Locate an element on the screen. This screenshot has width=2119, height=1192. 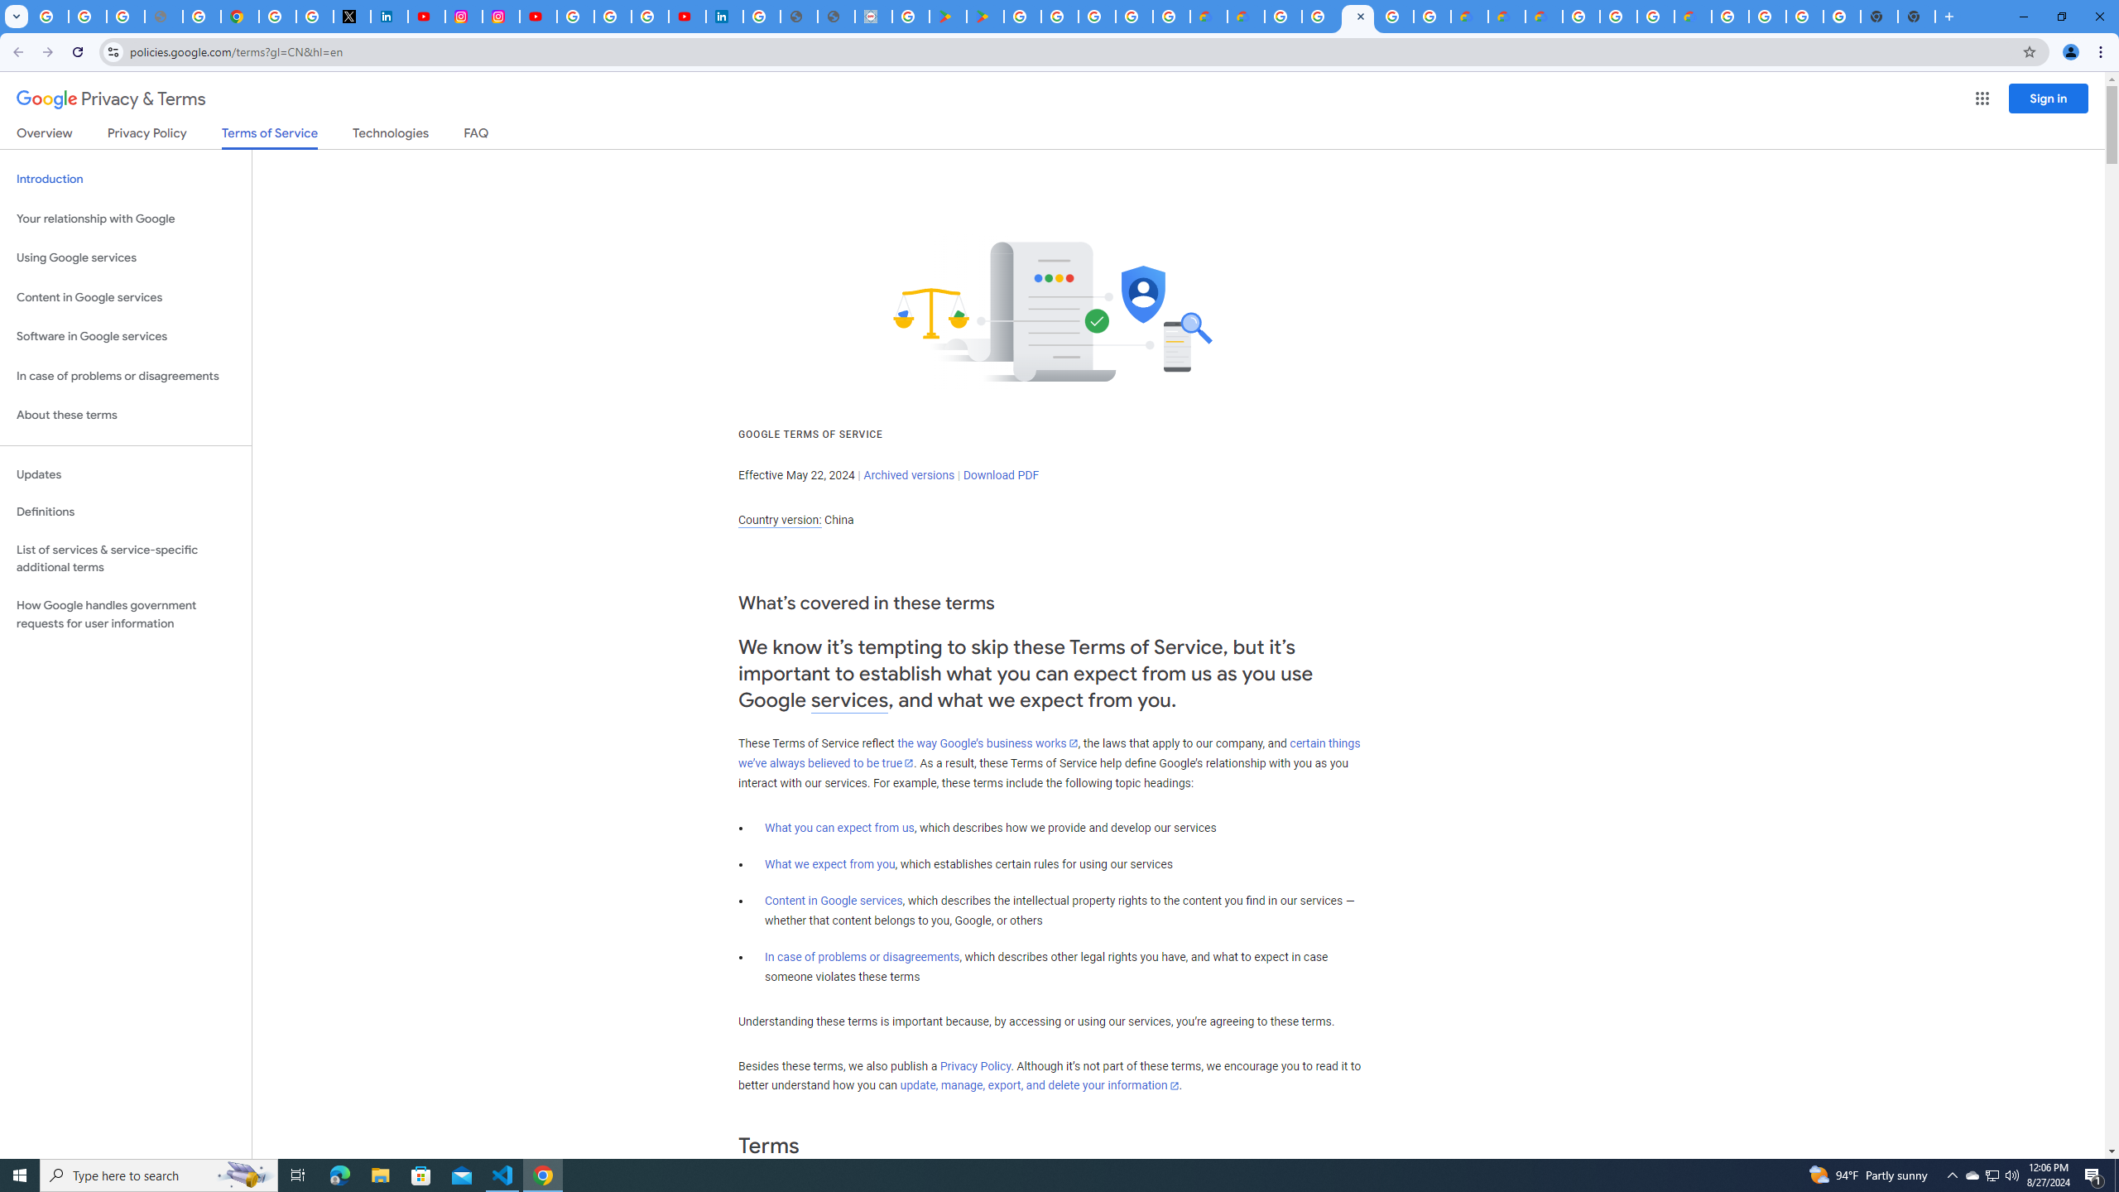
'Browse Chrome as a guest - Computer - Google Chrome Help' is located at coordinates (1655, 16).